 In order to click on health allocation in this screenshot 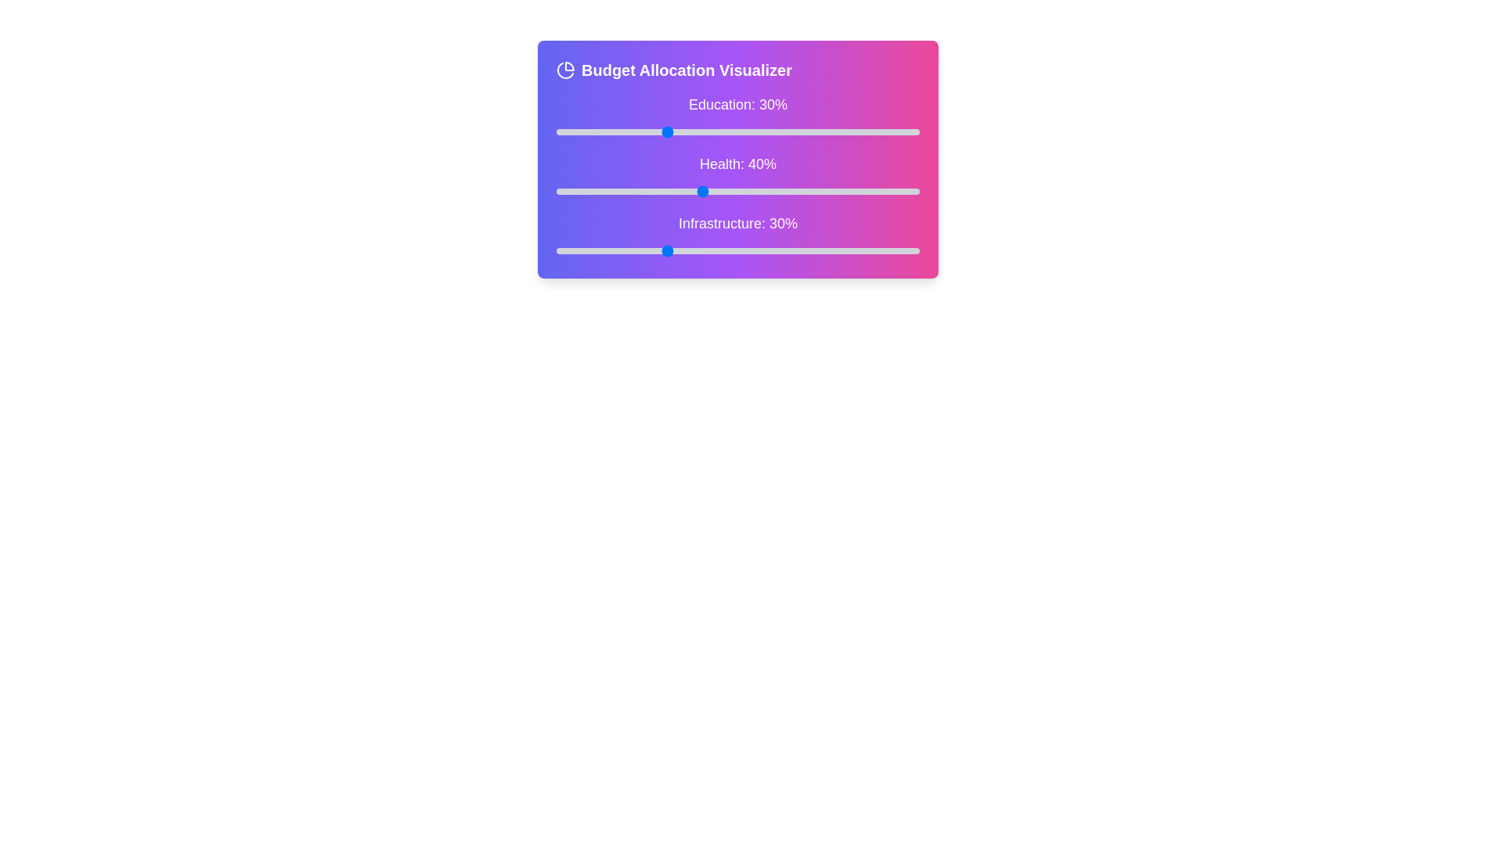, I will do `click(733, 191)`.